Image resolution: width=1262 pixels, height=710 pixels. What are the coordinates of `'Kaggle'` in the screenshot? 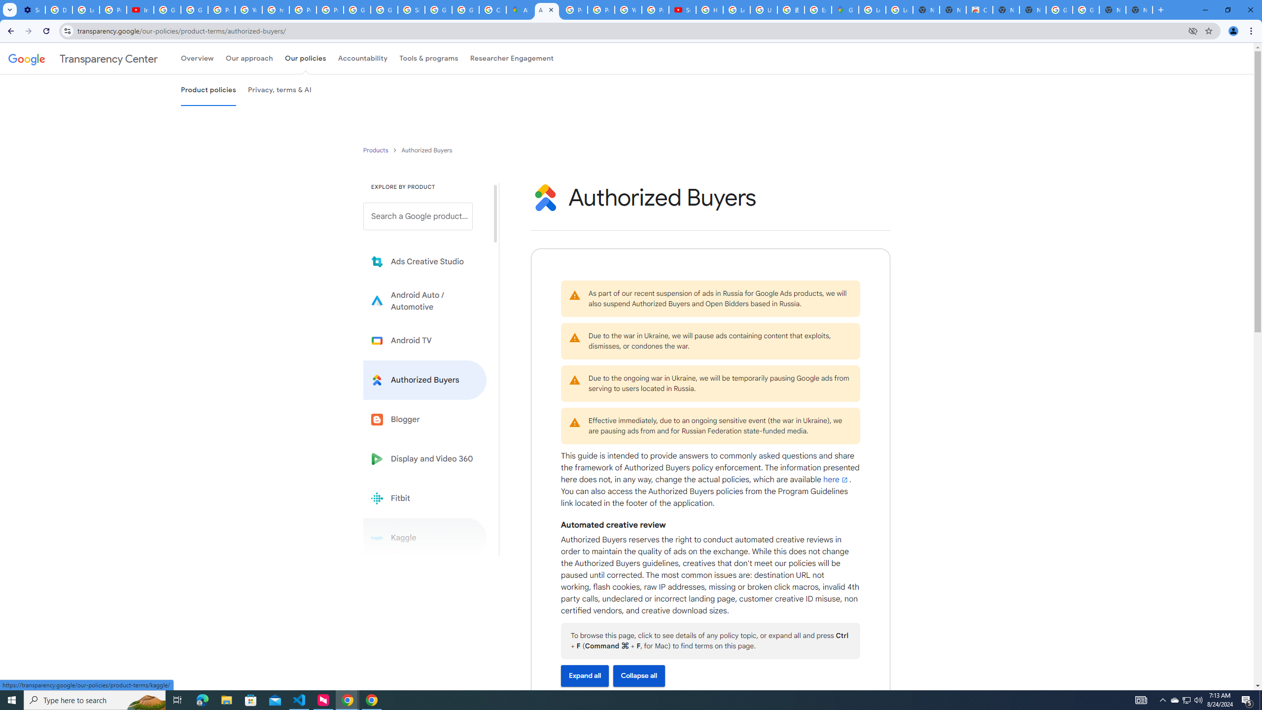 It's located at (424, 537).